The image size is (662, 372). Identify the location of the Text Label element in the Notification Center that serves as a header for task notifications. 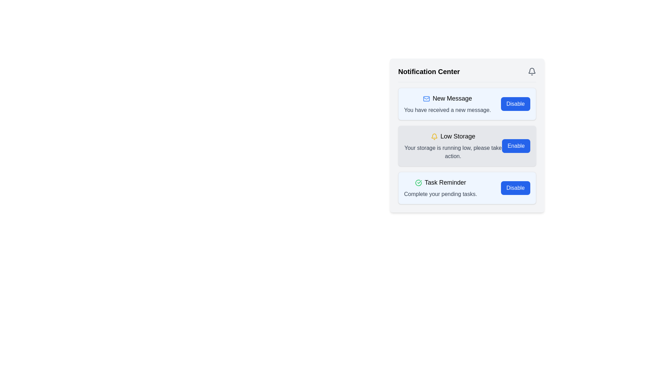
(440, 182).